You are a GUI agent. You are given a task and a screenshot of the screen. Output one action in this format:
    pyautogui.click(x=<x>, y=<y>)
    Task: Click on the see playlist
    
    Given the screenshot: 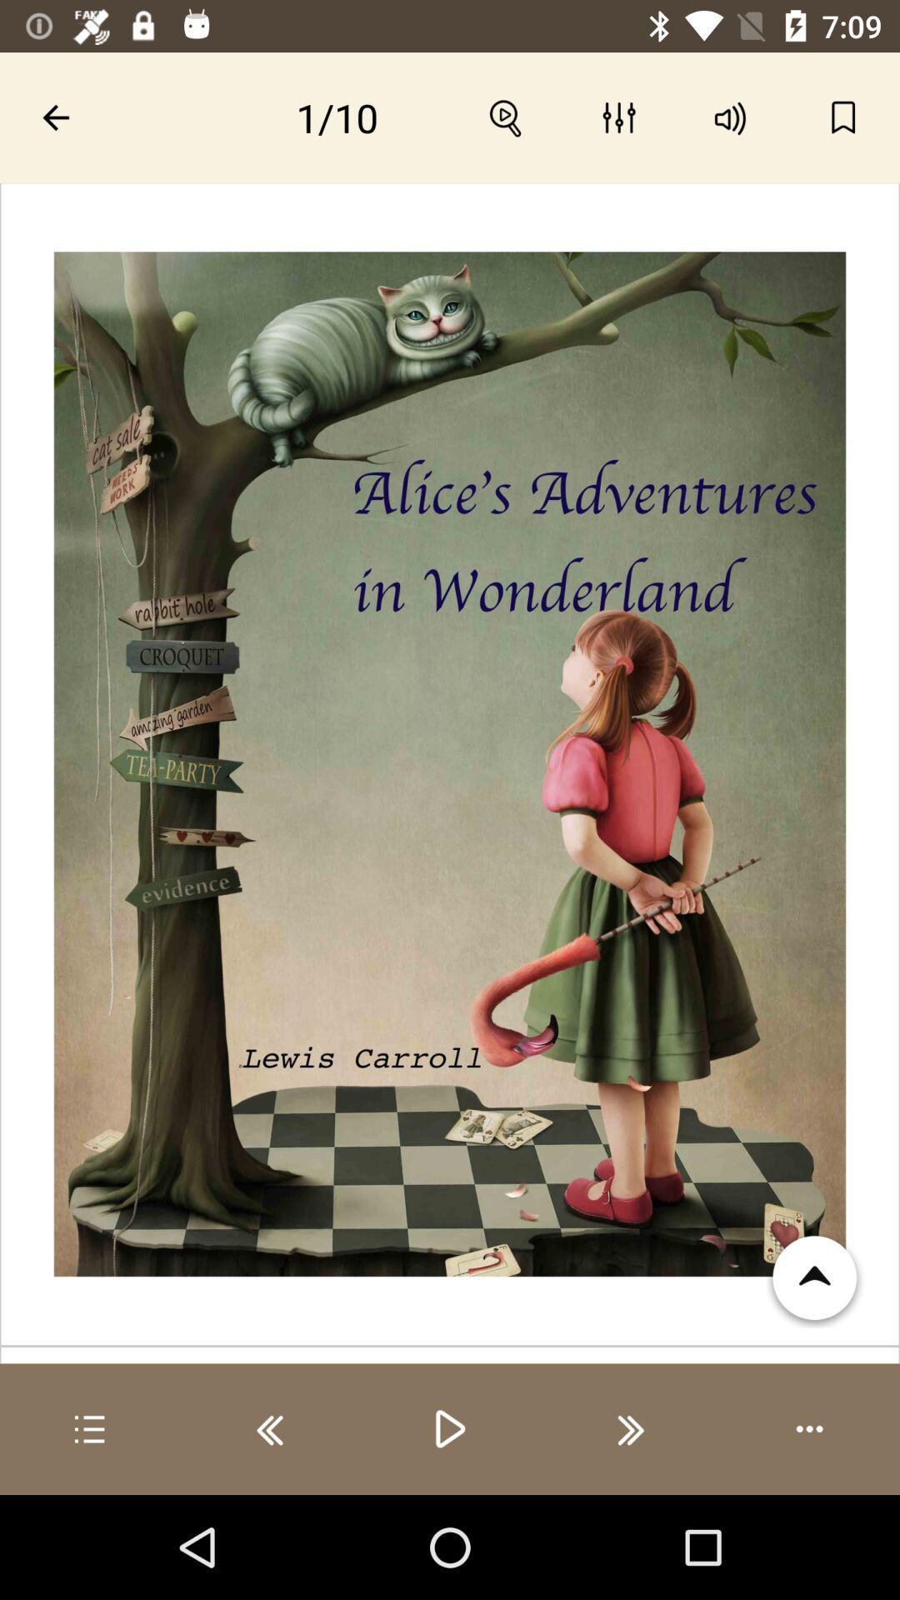 What is the action you would take?
    pyautogui.click(x=90, y=1428)
    